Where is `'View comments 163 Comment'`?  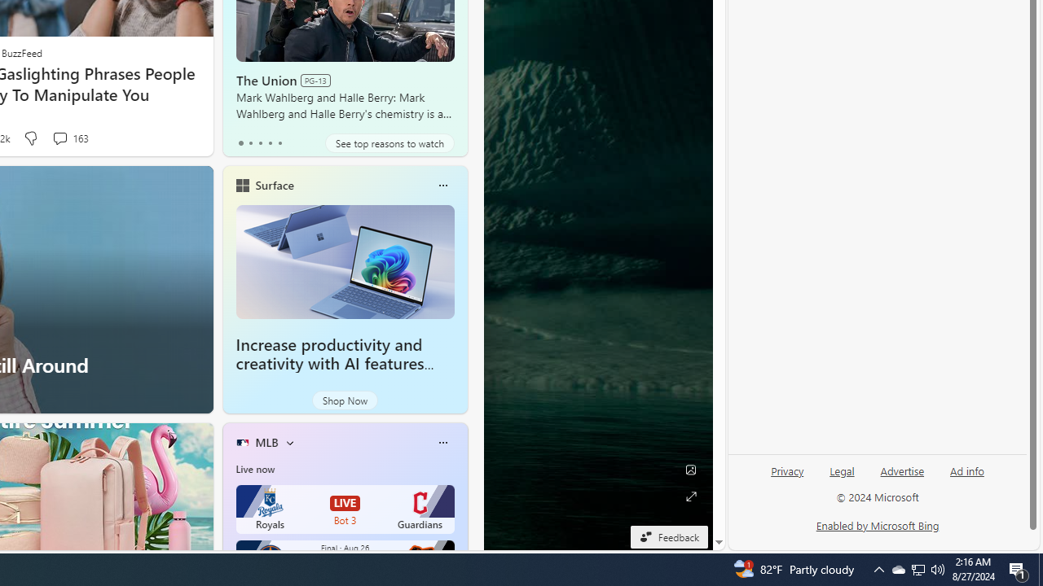 'View comments 163 Comment' is located at coordinates (68, 138).